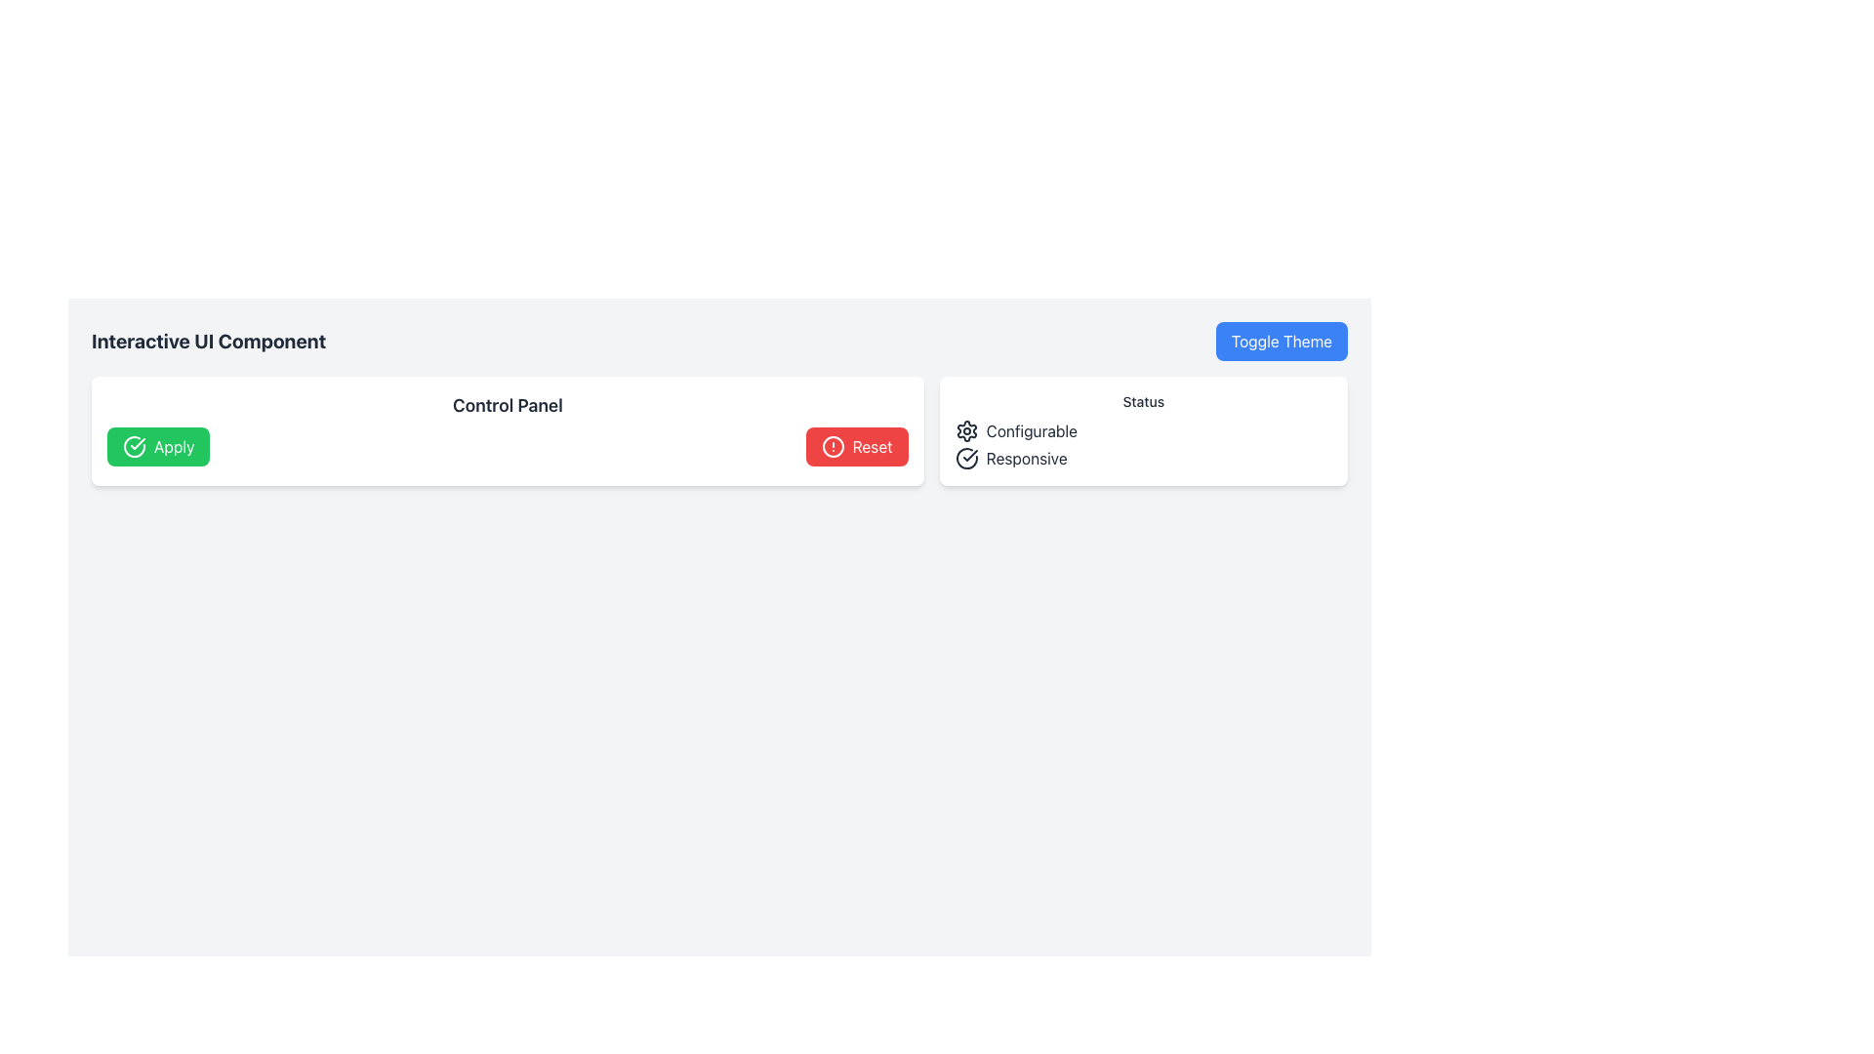 This screenshot has width=1874, height=1054. I want to click on the checkmark icon located inside the green 'Apply' button, which has a circular boundary and is styled as an SVG element, so click(137, 444).